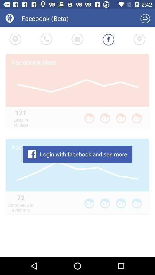  Describe the element at coordinates (145, 19) in the screenshot. I see `the page` at that location.